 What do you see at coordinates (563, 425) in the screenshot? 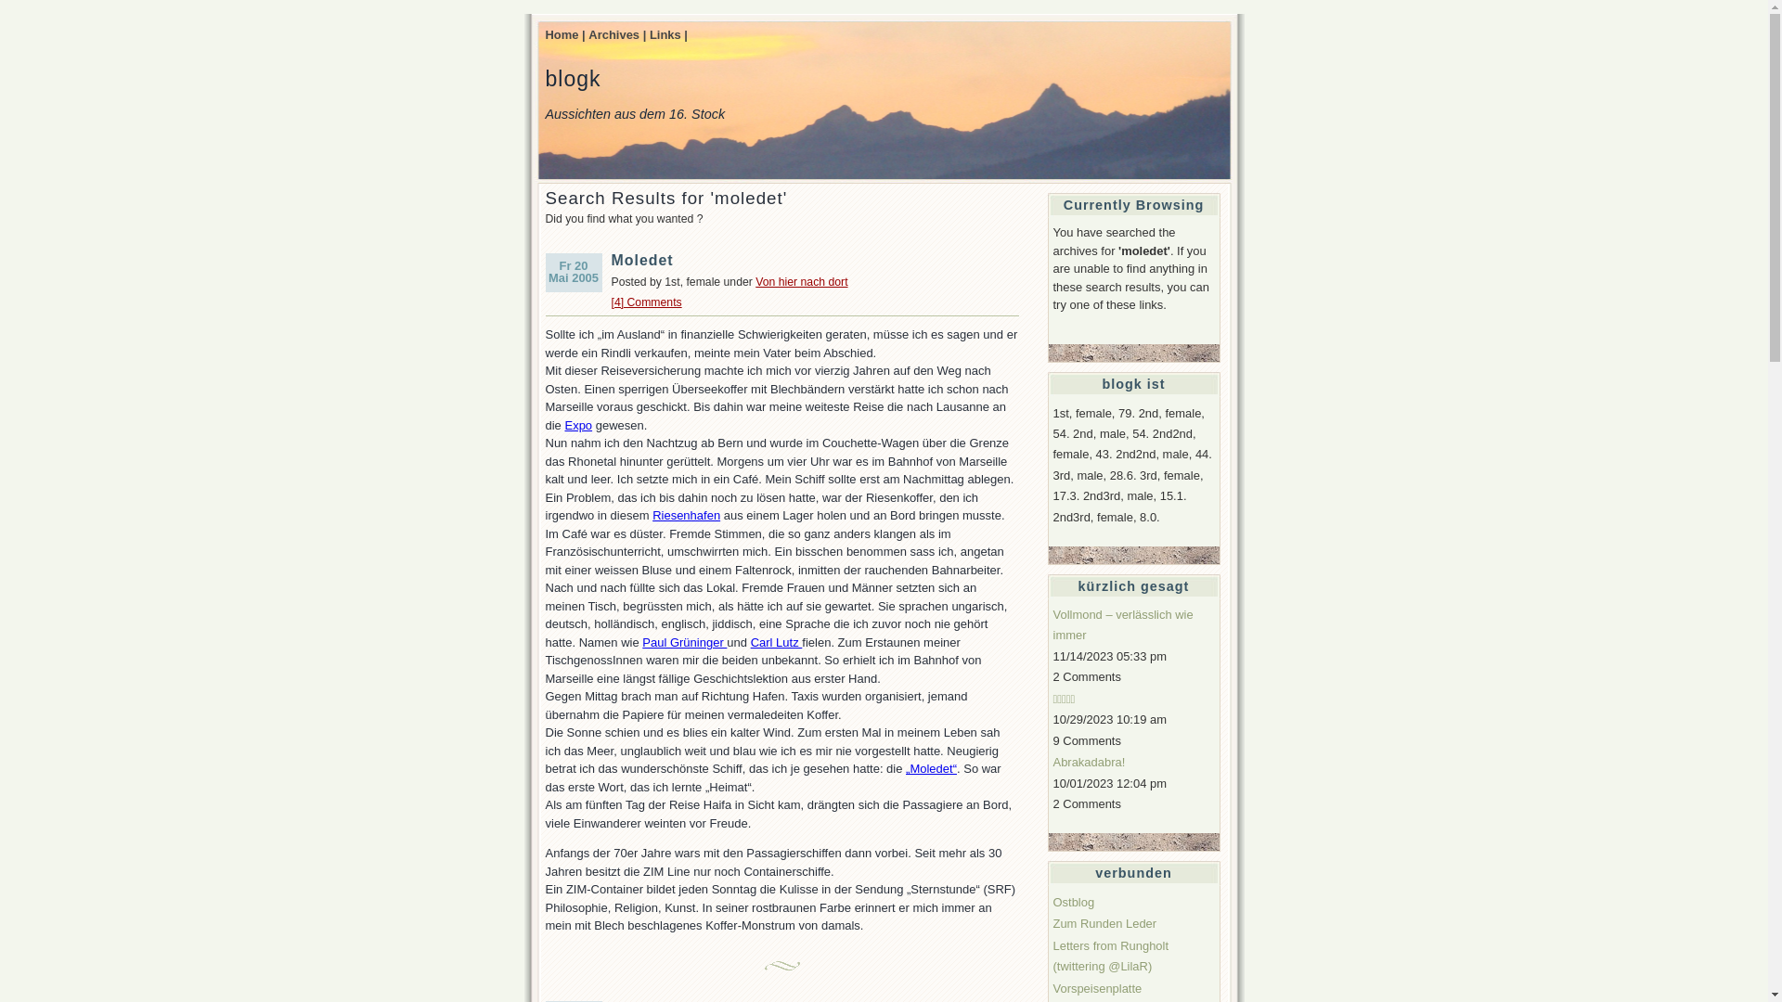
I see `'Expo'` at bounding box center [563, 425].